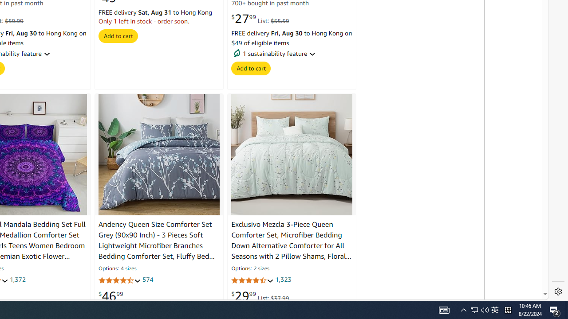  I want to click on '$27.99 List: $55.59', so click(260, 19).